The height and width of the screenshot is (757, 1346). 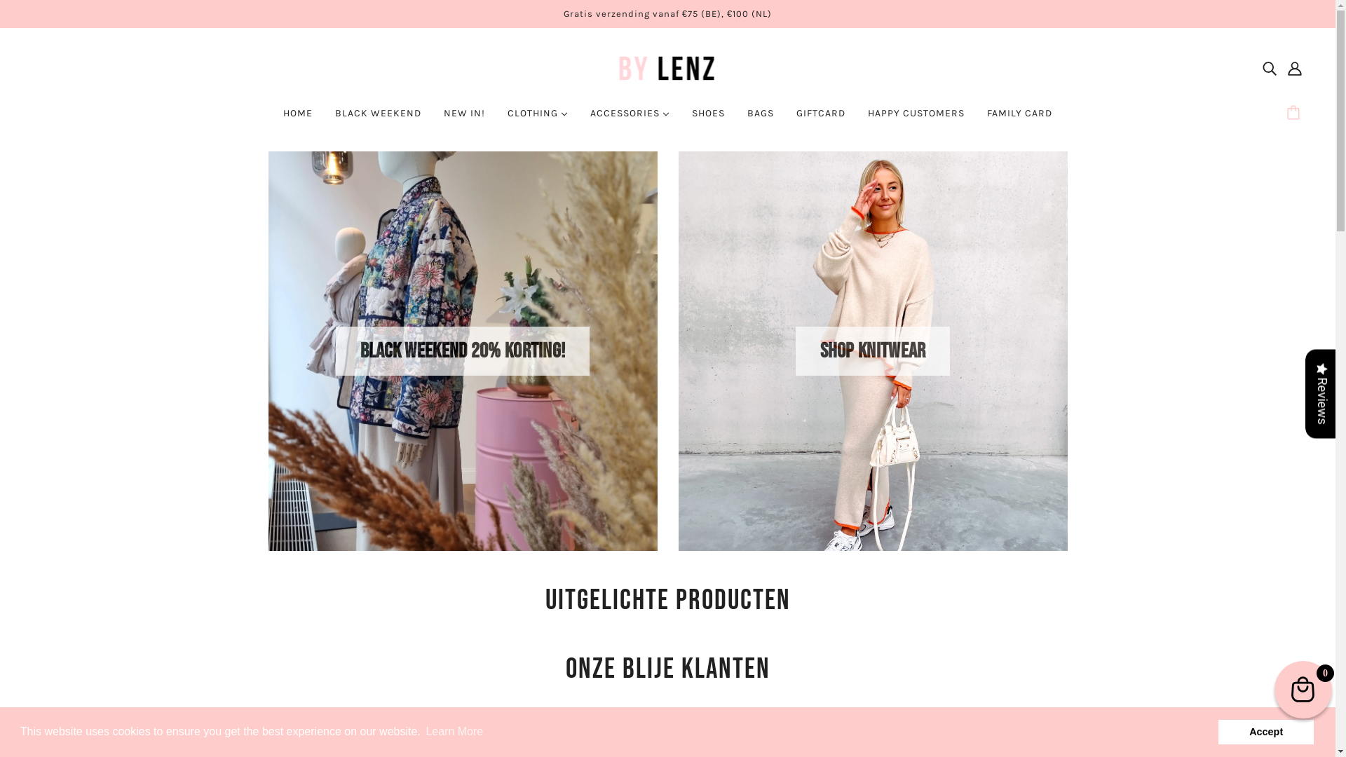 What do you see at coordinates (496, 118) in the screenshot?
I see `'CLOTHING'` at bounding box center [496, 118].